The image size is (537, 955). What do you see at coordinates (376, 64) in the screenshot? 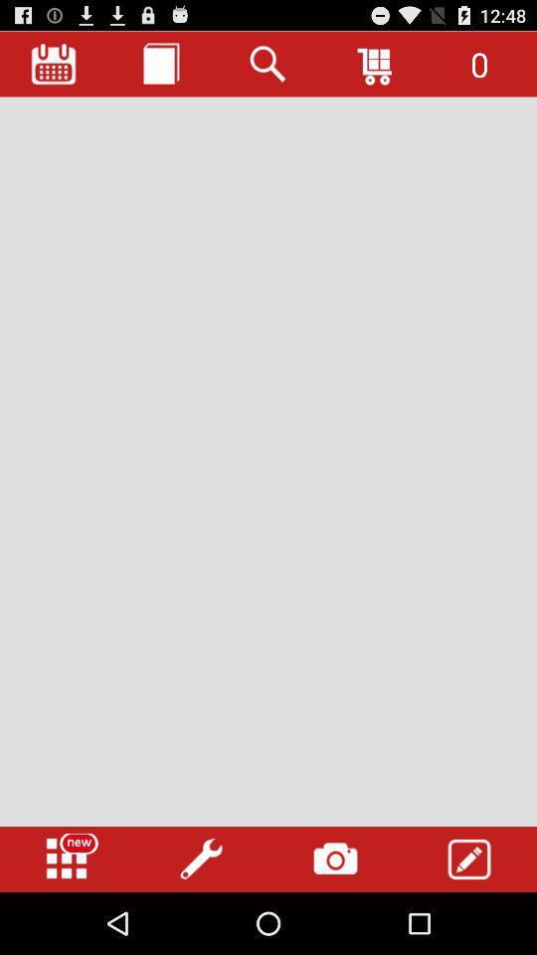
I see `icon next to 0 item` at bounding box center [376, 64].